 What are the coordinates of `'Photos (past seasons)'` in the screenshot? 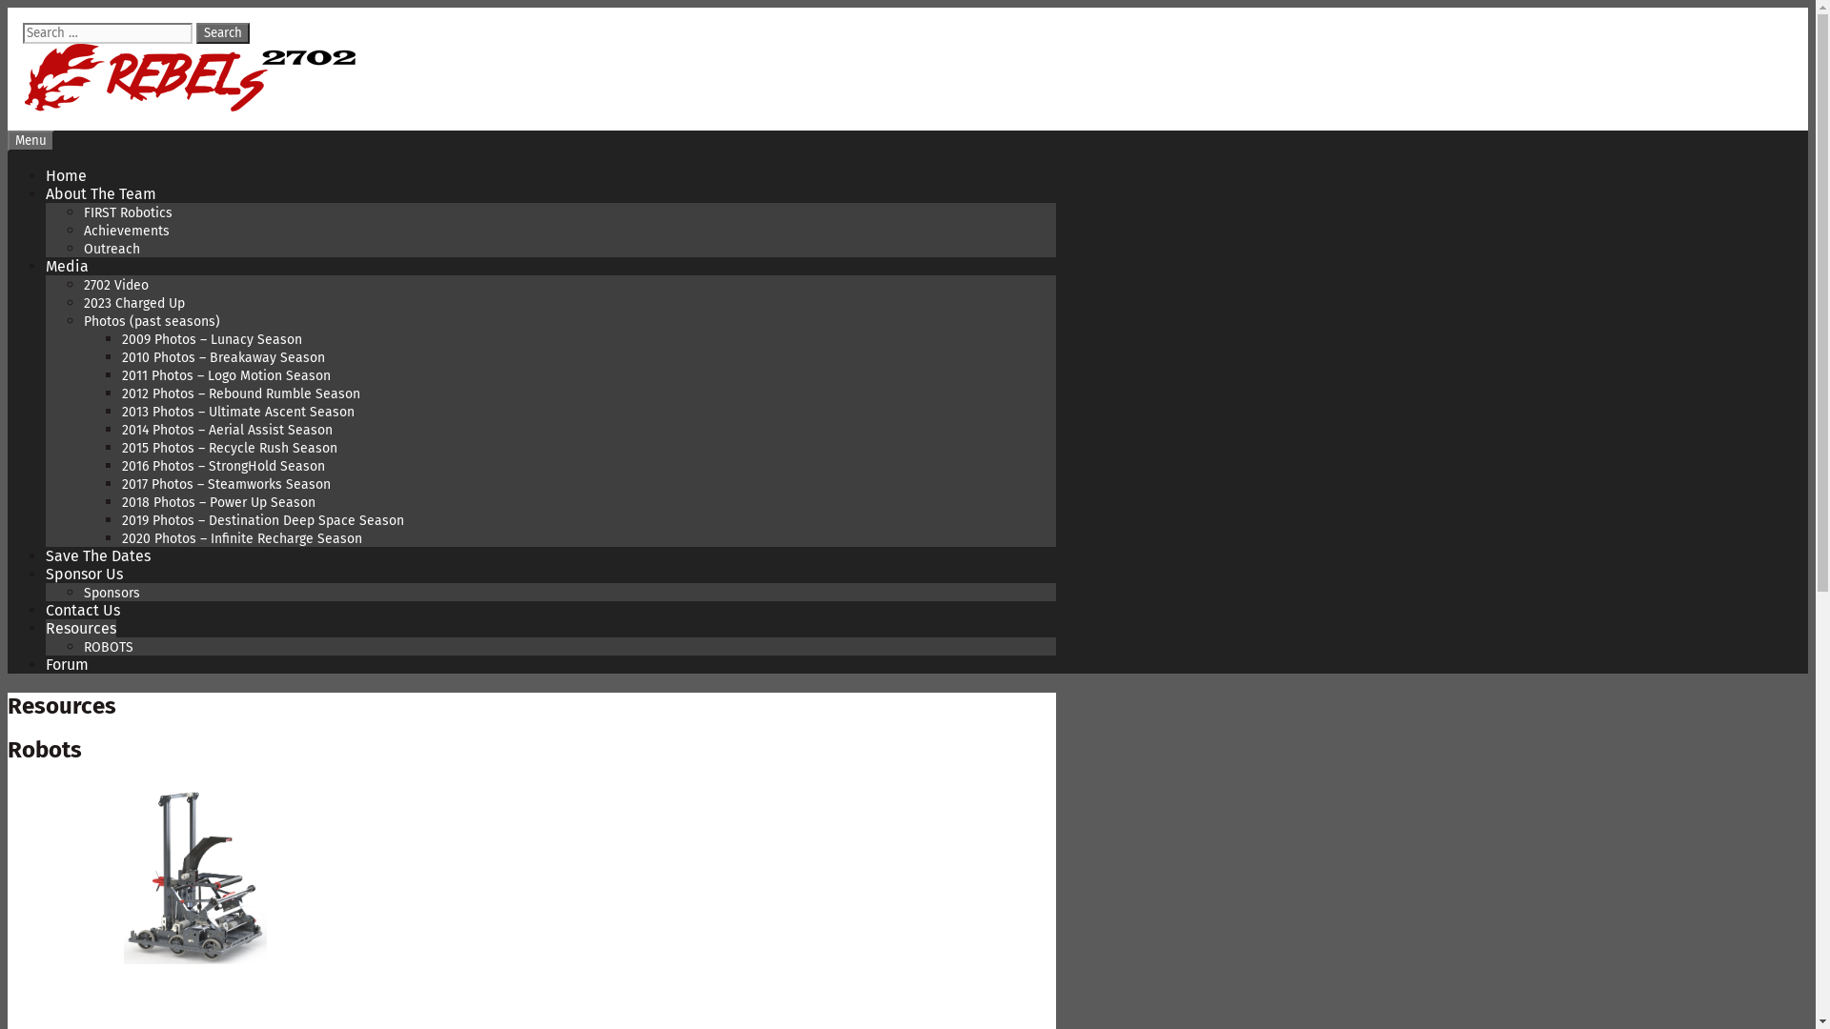 It's located at (151, 320).